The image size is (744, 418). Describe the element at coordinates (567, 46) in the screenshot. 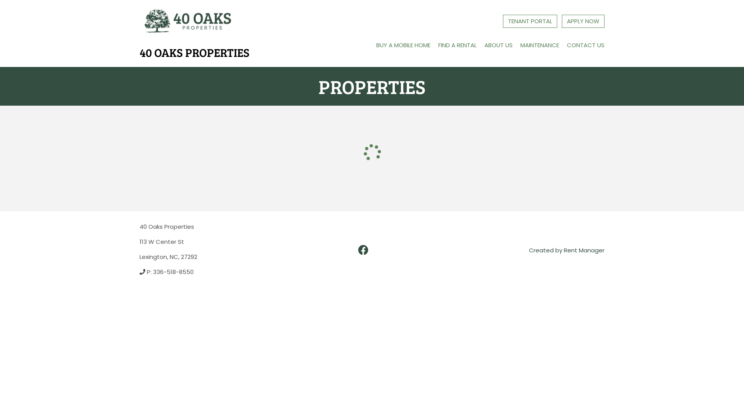

I see `'CONTACT US'` at that location.